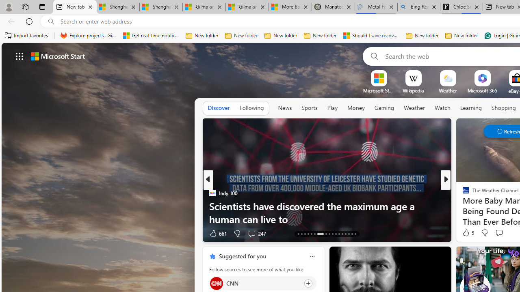  I want to click on 'Play', so click(332, 107).